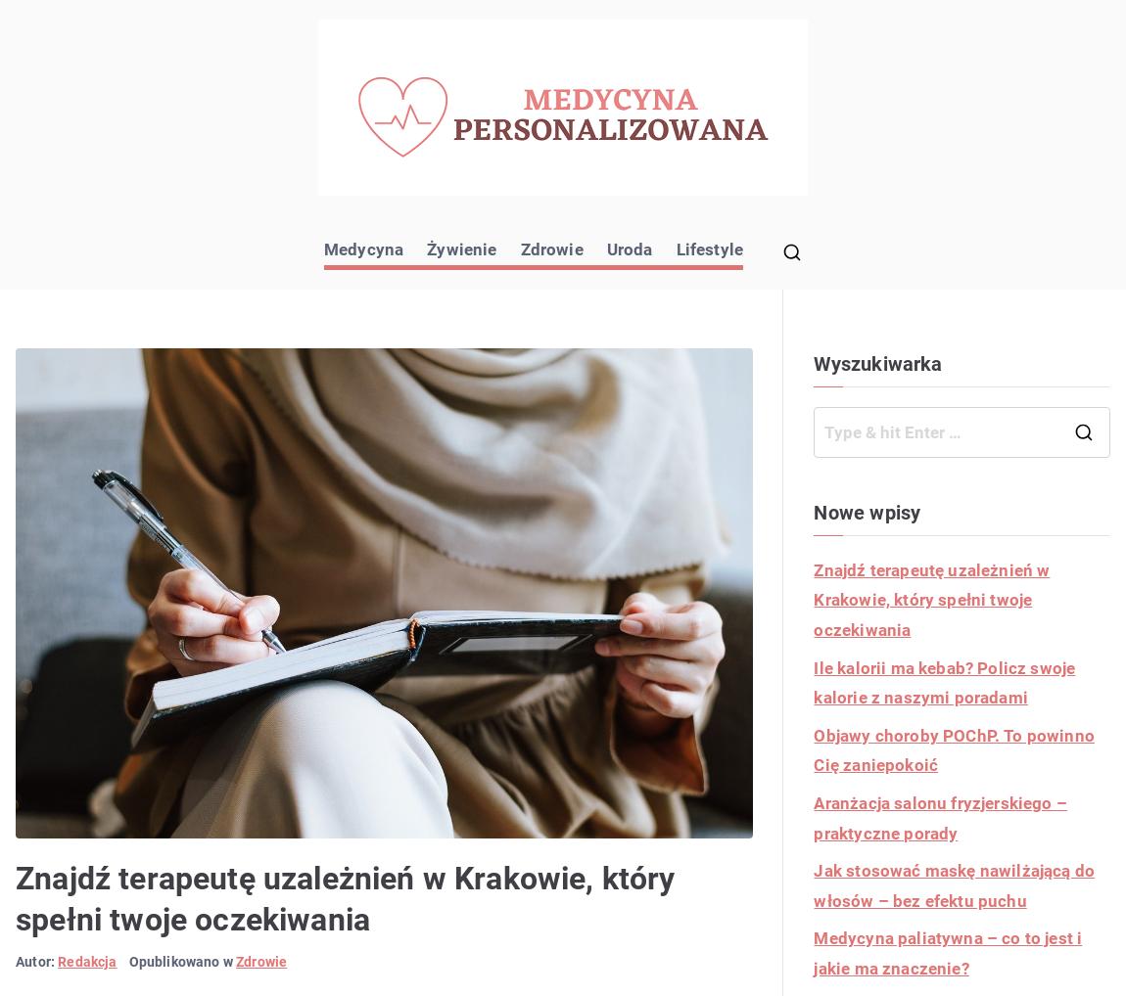 The width and height of the screenshot is (1126, 996). I want to click on 'Wyszukiwarka', so click(877, 363).